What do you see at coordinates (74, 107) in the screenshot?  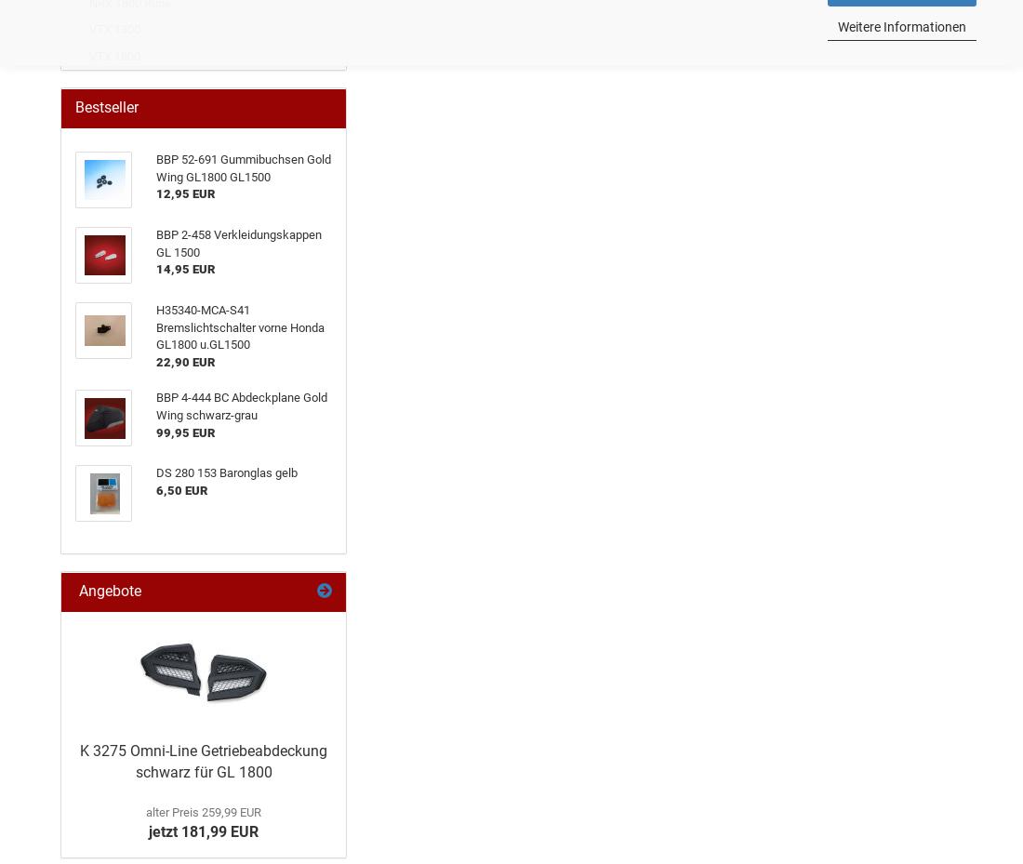 I see `'Bestseller'` at bounding box center [74, 107].